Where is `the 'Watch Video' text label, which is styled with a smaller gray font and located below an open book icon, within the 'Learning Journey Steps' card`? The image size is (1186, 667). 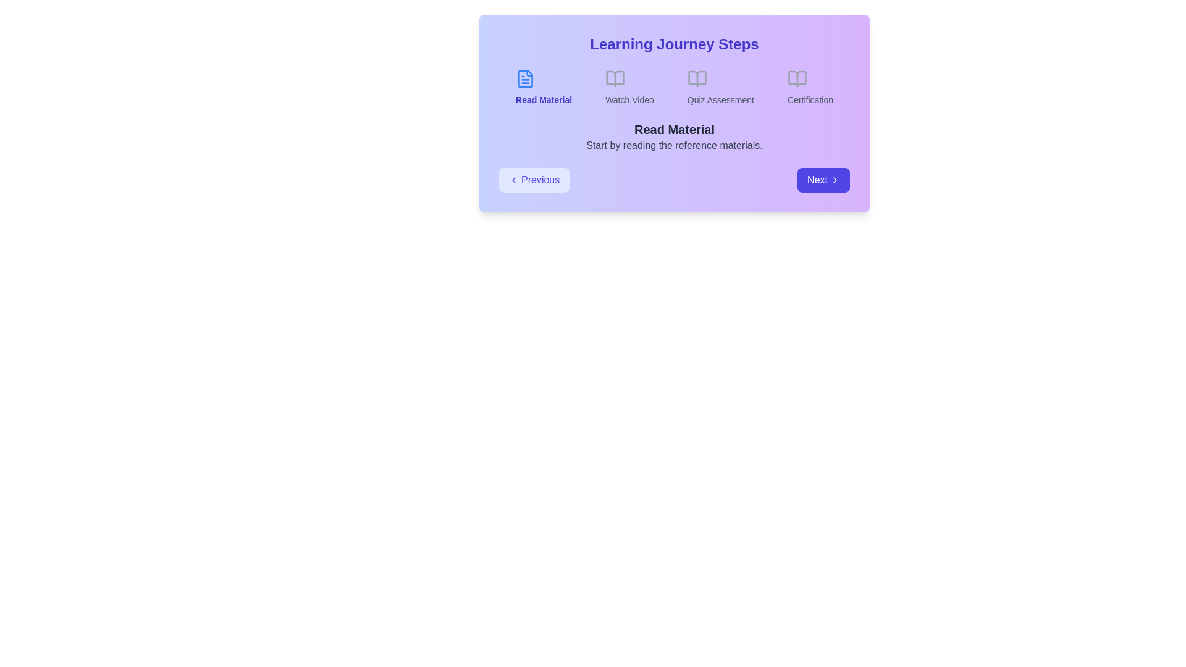 the 'Watch Video' text label, which is styled with a smaller gray font and located below an open book icon, within the 'Learning Journey Steps' card is located at coordinates (629, 99).